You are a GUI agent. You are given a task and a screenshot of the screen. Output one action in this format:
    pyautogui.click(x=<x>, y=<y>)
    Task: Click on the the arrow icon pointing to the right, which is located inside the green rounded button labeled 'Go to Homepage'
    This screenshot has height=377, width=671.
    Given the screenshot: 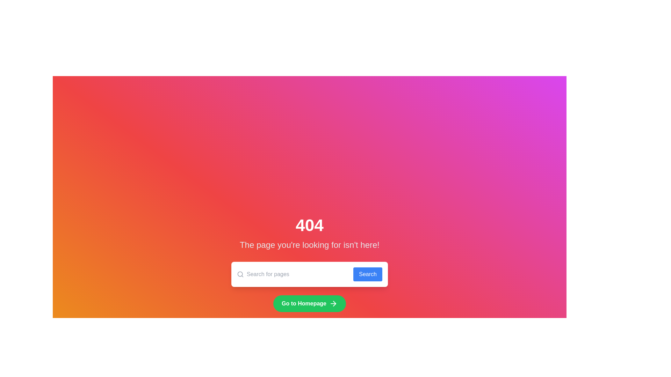 What is the action you would take?
    pyautogui.click(x=333, y=303)
    